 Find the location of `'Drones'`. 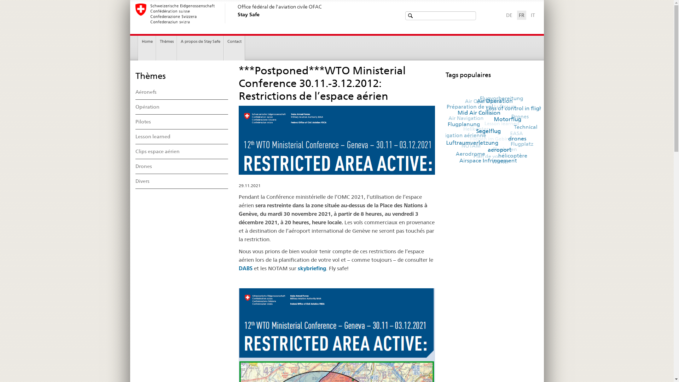

'Drones' is located at coordinates (181, 166).